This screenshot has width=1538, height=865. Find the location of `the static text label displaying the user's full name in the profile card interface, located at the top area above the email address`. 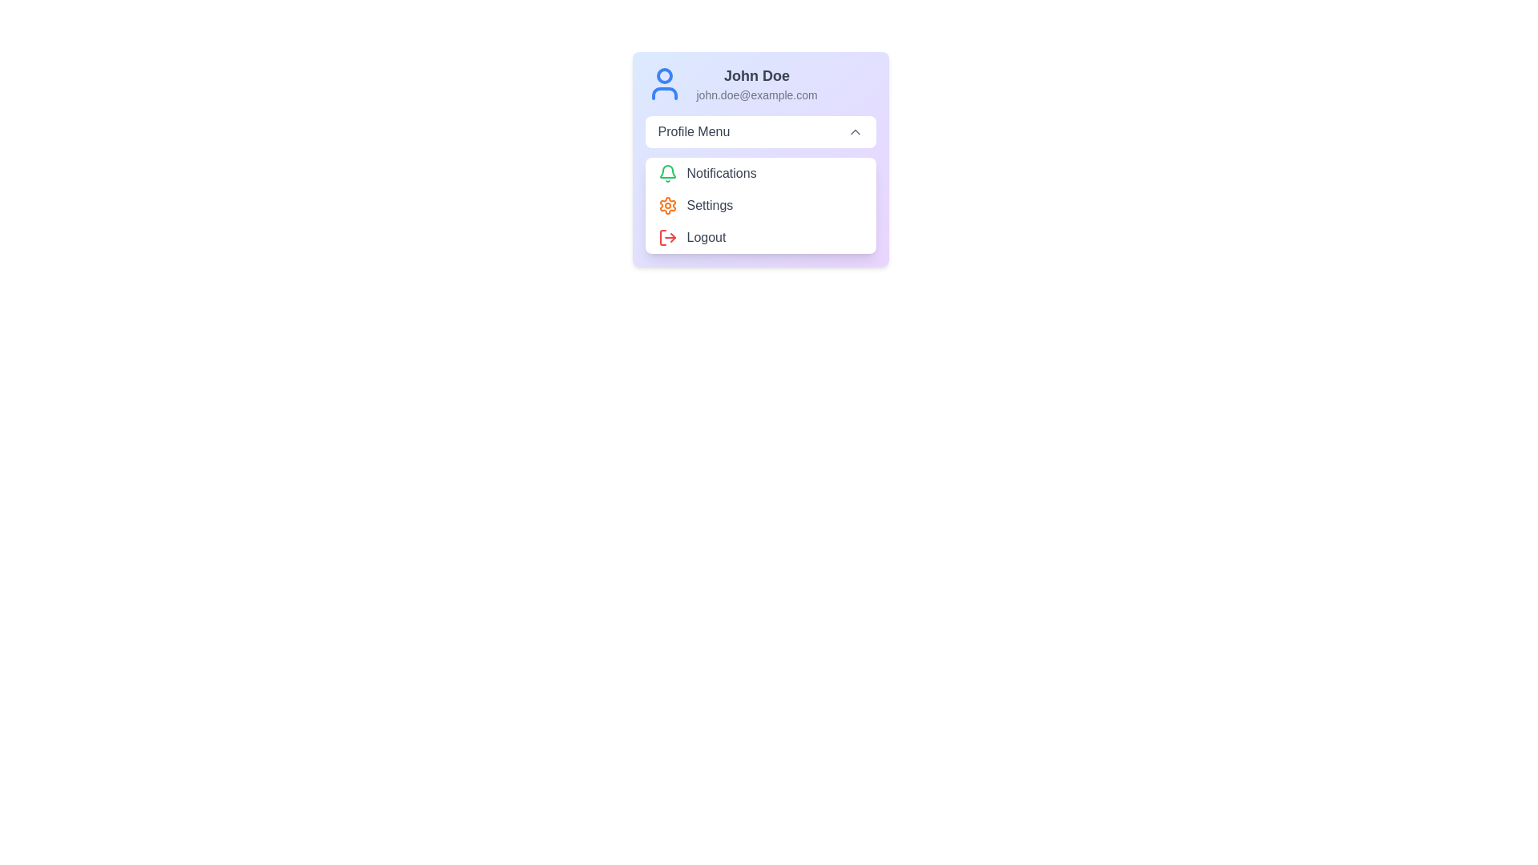

the static text label displaying the user's full name in the profile card interface, located at the top area above the email address is located at coordinates (756, 76).